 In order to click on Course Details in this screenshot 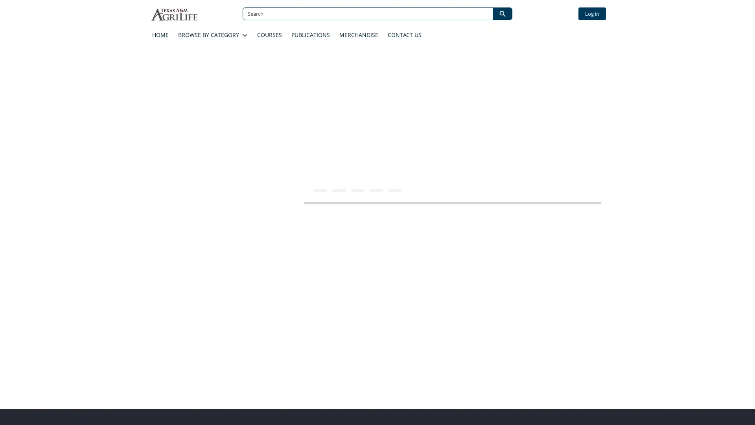, I will do `click(225, 269)`.